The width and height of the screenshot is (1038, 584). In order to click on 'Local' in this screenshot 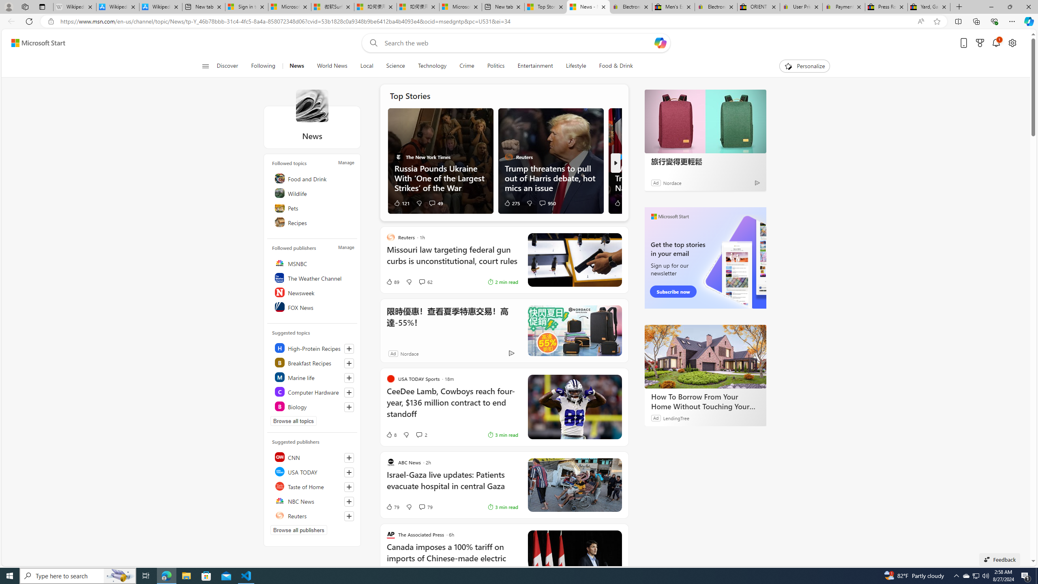, I will do `click(367, 66)`.